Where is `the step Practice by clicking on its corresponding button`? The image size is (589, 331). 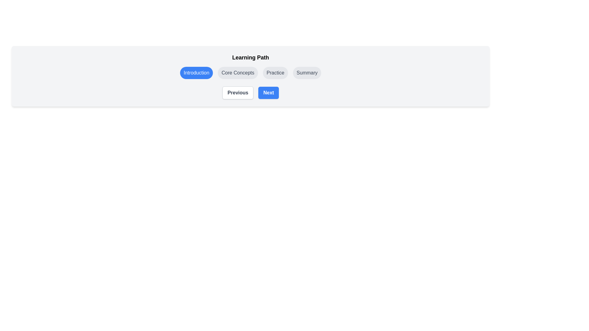 the step Practice by clicking on its corresponding button is located at coordinates (275, 73).